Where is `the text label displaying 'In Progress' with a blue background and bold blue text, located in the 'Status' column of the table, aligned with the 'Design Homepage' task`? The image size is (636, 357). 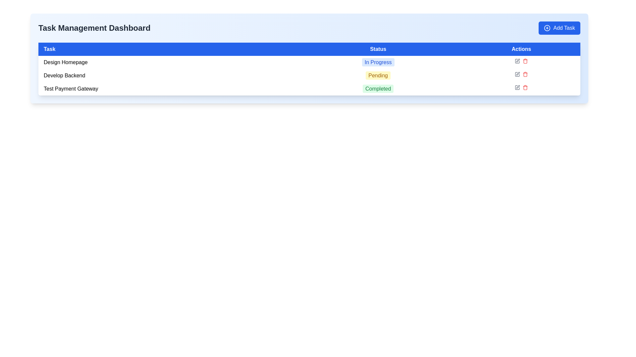 the text label displaying 'In Progress' with a blue background and bold blue text, located in the 'Status' column of the table, aligned with the 'Design Homepage' task is located at coordinates (378, 62).